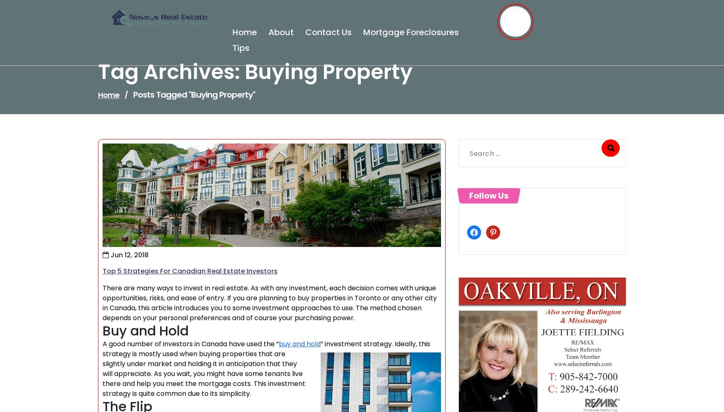  What do you see at coordinates (493, 196) in the screenshot?
I see `'Watch This'` at bounding box center [493, 196].